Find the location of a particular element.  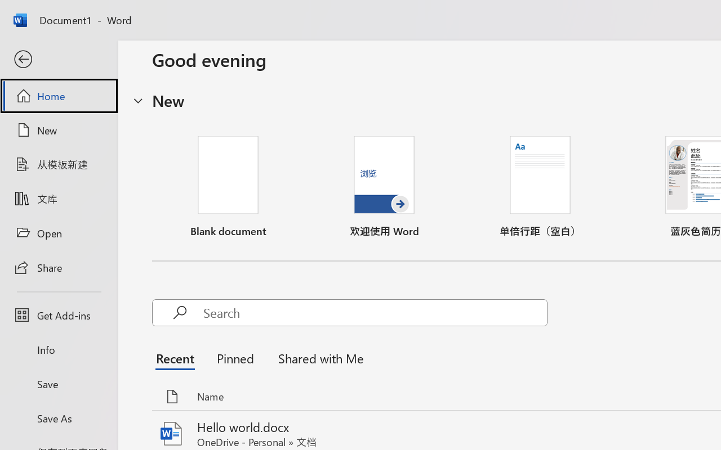

'Blank document' is located at coordinates (228, 186).